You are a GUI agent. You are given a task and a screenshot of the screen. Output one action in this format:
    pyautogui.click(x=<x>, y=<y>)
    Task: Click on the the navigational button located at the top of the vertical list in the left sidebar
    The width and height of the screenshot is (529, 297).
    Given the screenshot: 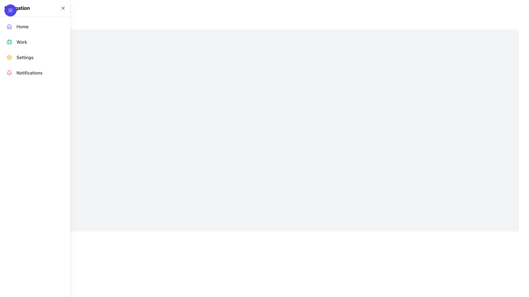 What is the action you would take?
    pyautogui.click(x=35, y=26)
    